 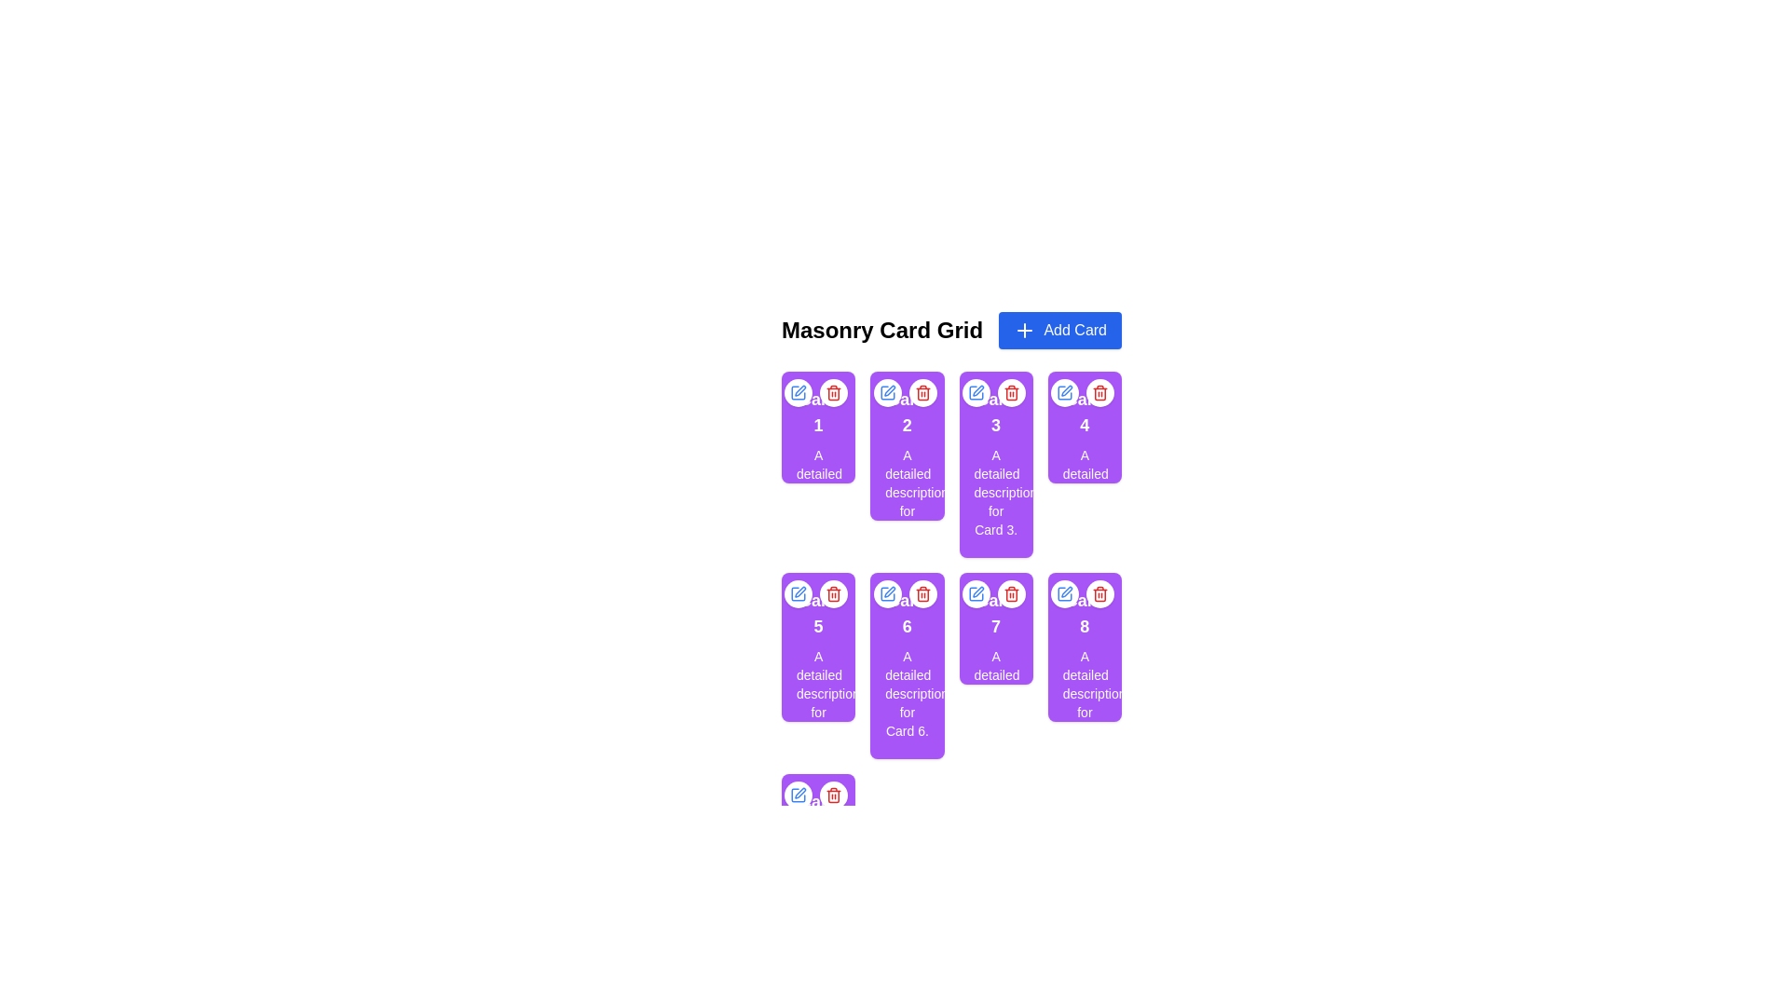 What do you see at coordinates (833, 795) in the screenshot?
I see `the delete button located in the second position of the top-right corner group` at bounding box center [833, 795].